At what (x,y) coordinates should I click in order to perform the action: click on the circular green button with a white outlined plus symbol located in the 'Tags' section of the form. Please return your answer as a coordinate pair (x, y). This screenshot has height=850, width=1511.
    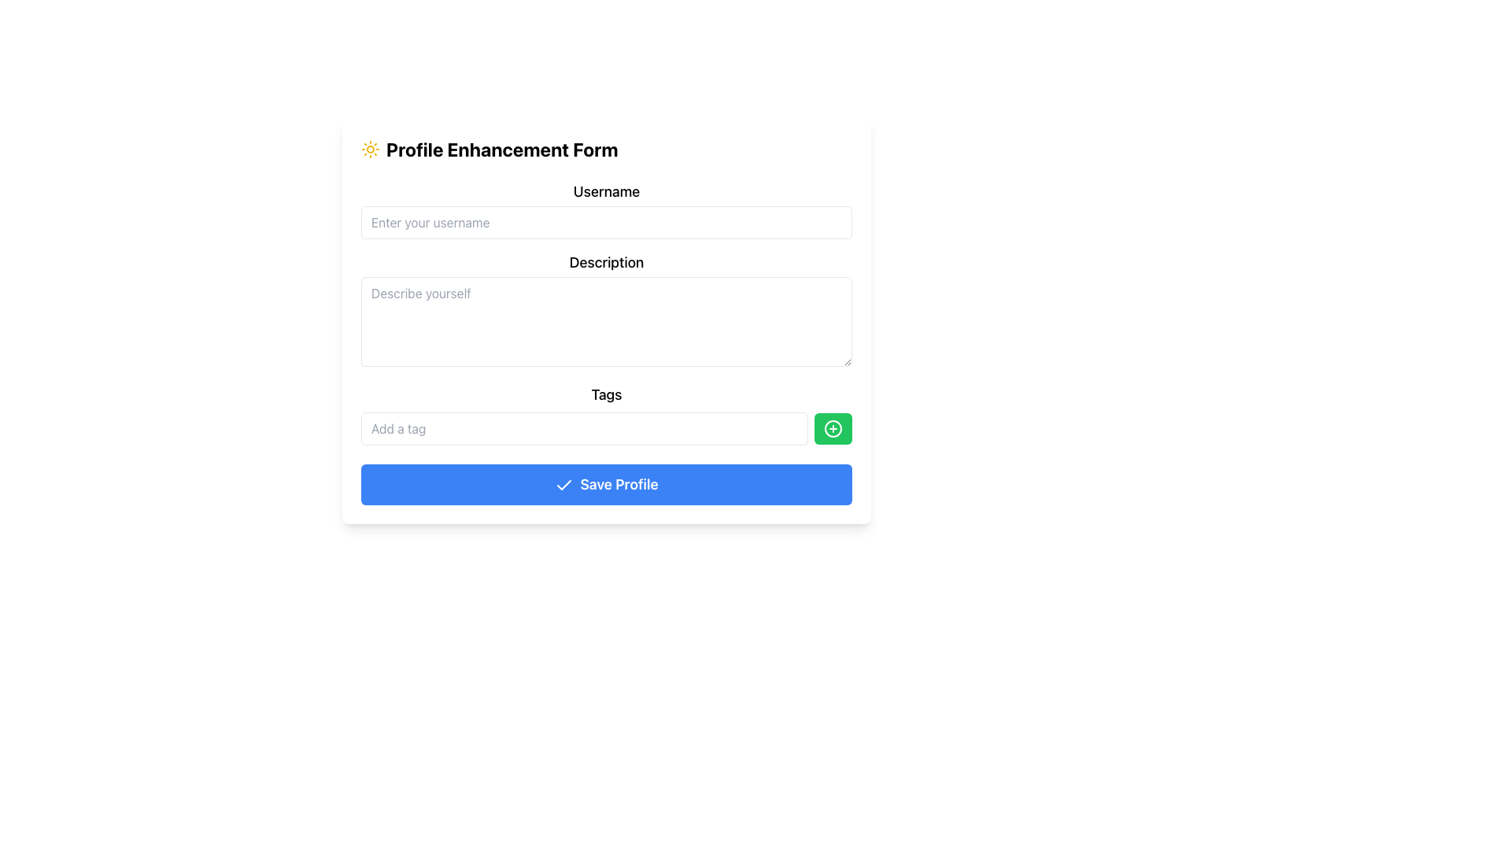
    Looking at the image, I should click on (833, 428).